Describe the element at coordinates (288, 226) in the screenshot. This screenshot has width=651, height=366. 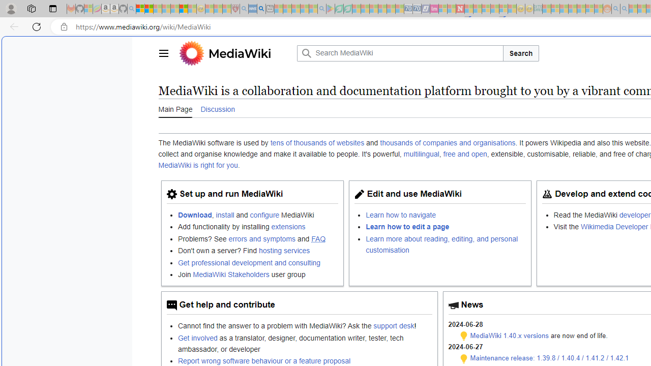
I see `'extensions'` at that location.